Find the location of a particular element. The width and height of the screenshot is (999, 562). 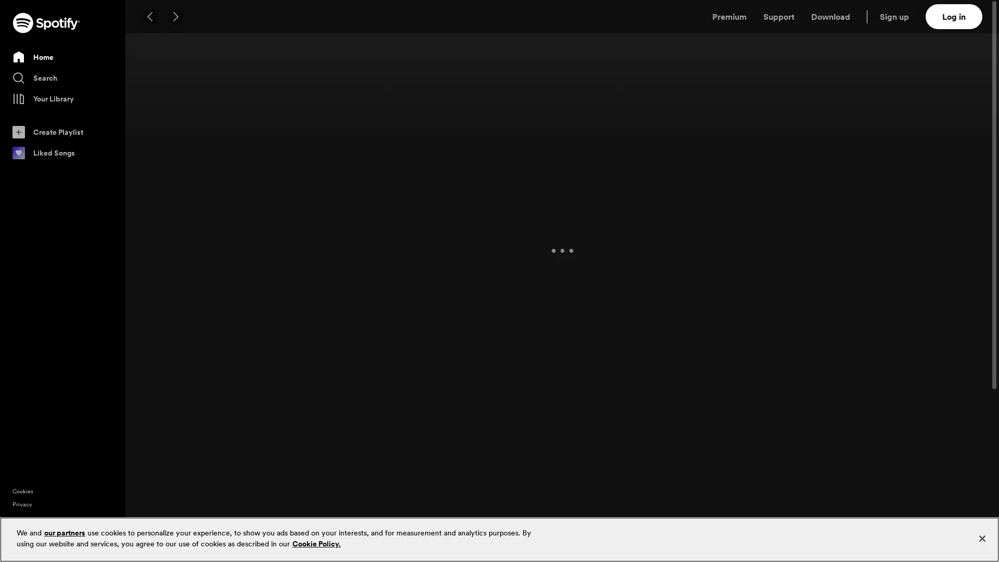

Play Party Cove is located at coordinates (957, 523).